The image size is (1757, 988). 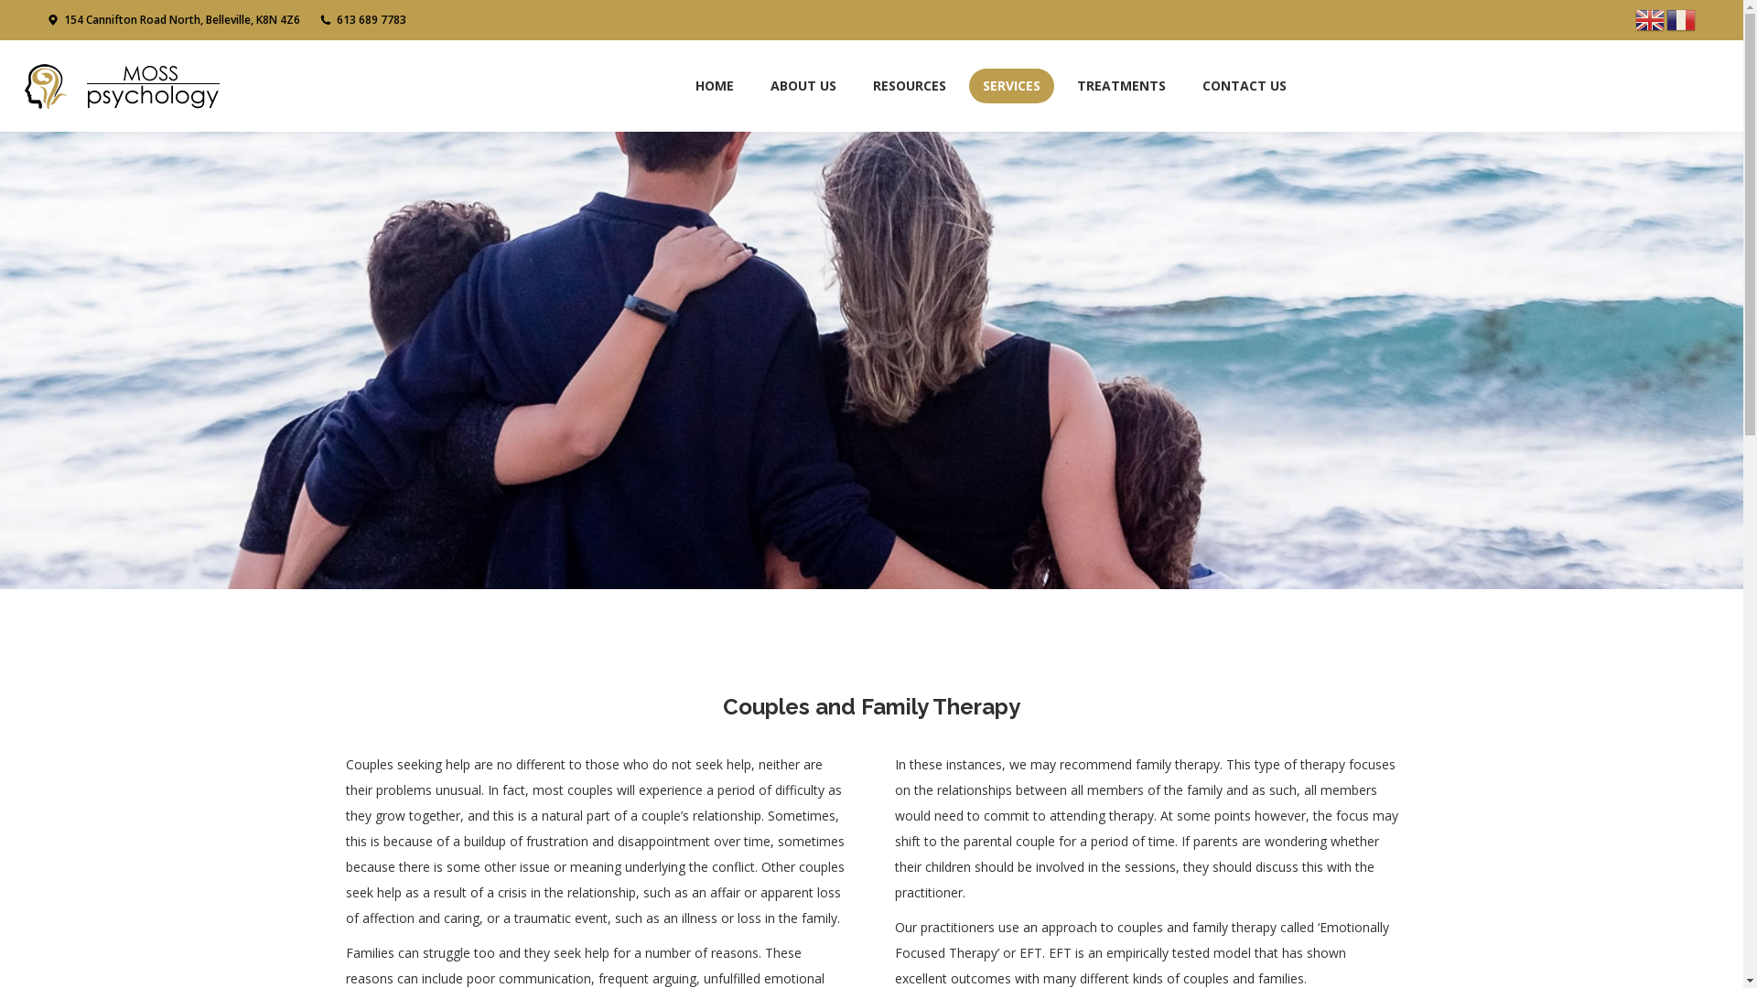 What do you see at coordinates (909, 85) in the screenshot?
I see `'RESOURCES'` at bounding box center [909, 85].